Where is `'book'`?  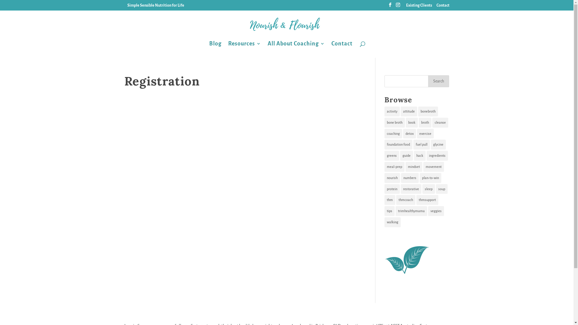
'book' is located at coordinates (412, 122).